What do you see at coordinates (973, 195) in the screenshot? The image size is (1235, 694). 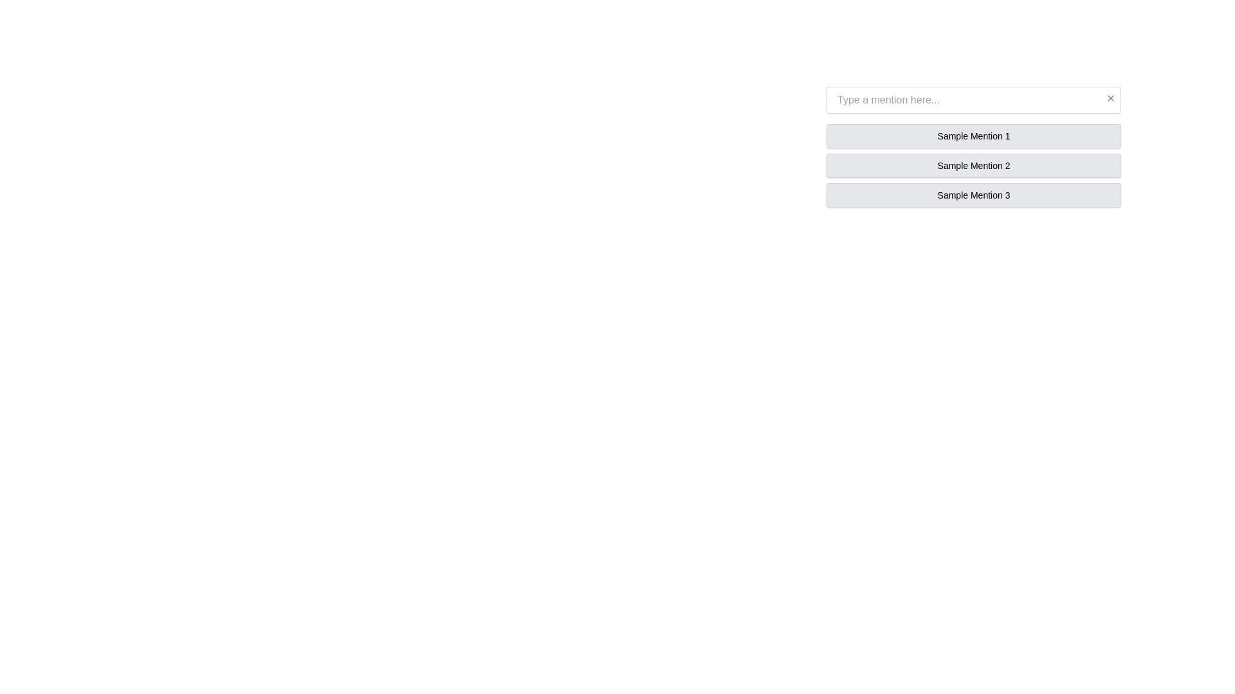 I see `the third button-like list item in the selectable options` at bounding box center [973, 195].